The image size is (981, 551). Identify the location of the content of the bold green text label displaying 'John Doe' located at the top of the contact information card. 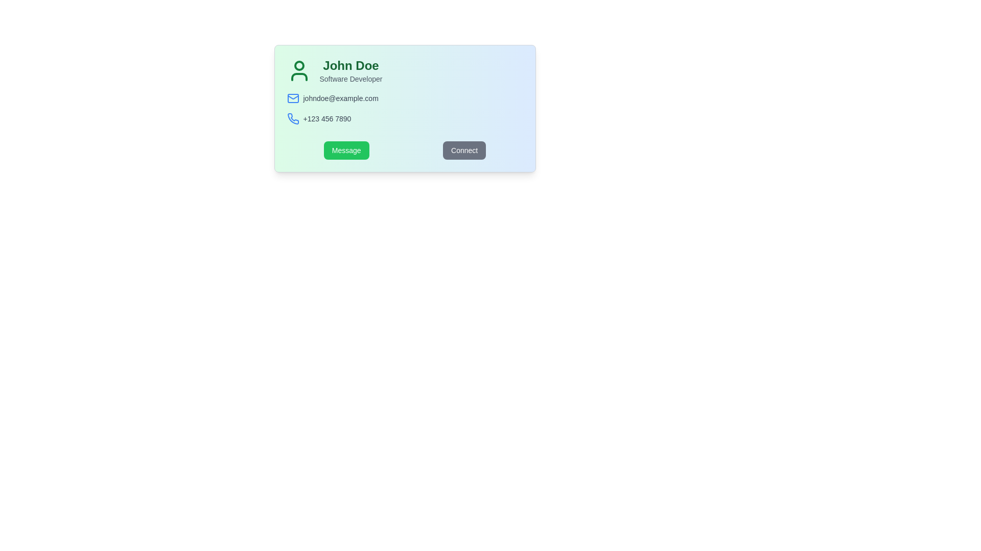
(351, 65).